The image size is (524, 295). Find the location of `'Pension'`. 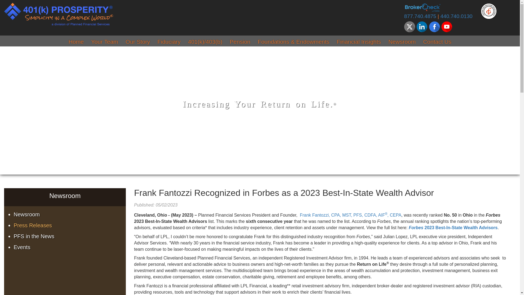

'Pension' is located at coordinates (240, 42).